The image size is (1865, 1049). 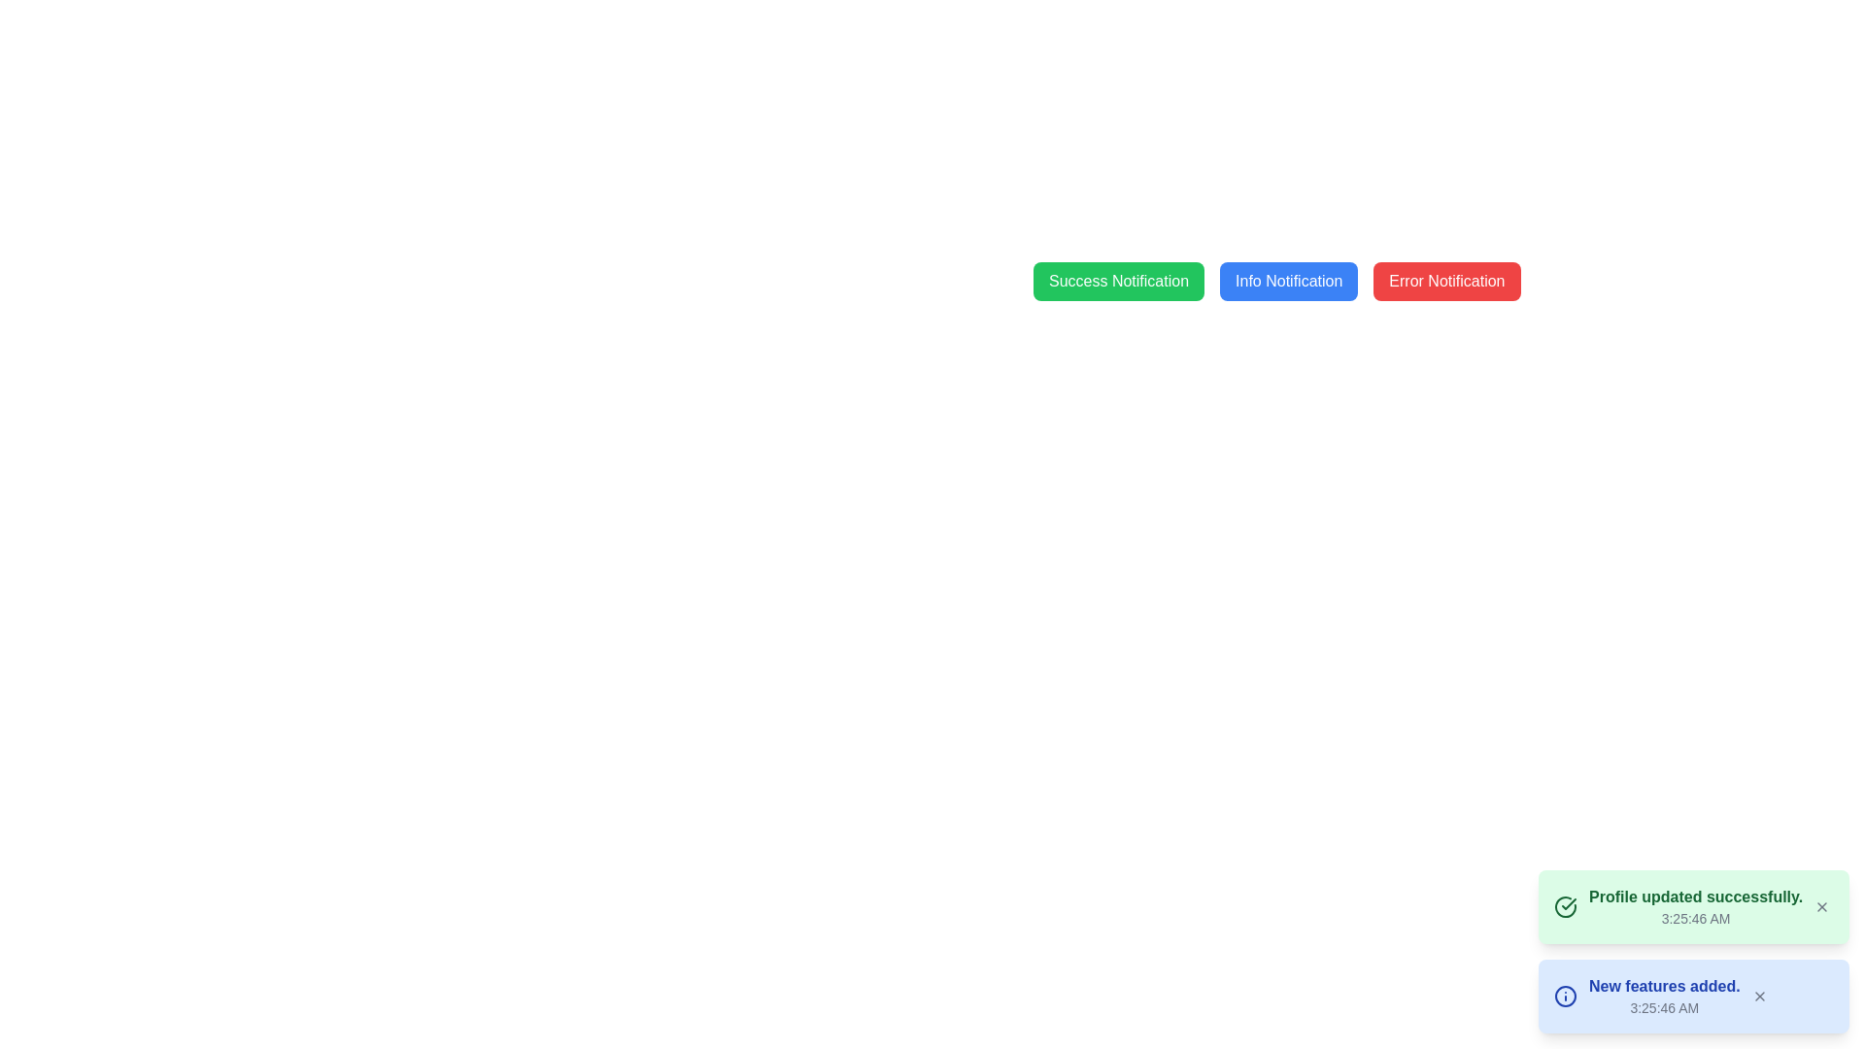 I want to click on the dismiss button located at the rightmost end of the notification message box with the text 'Profile updated successfully.', so click(x=1821, y=906).